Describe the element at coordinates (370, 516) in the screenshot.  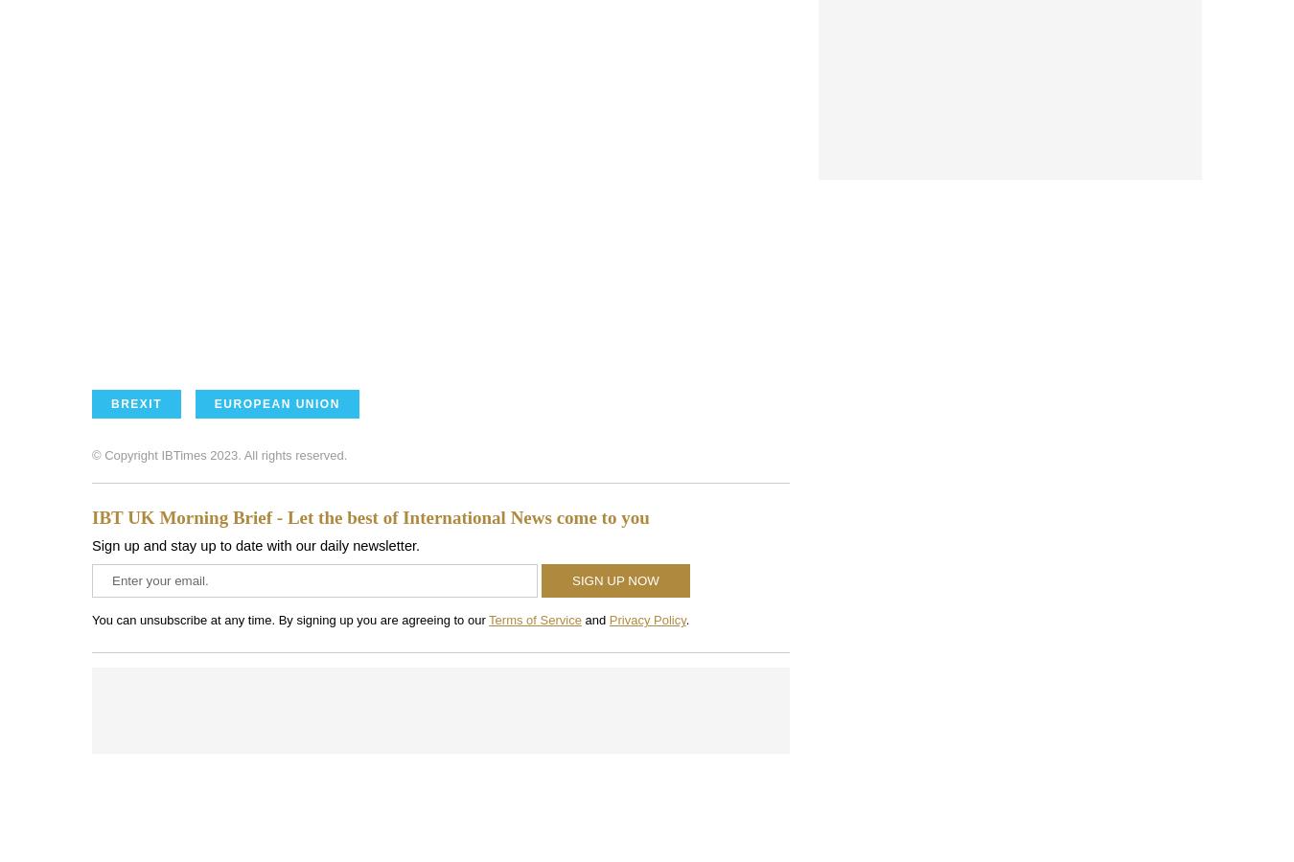
I see `'IBT UK Morning Brief - Let the best of International News come to you'` at that location.